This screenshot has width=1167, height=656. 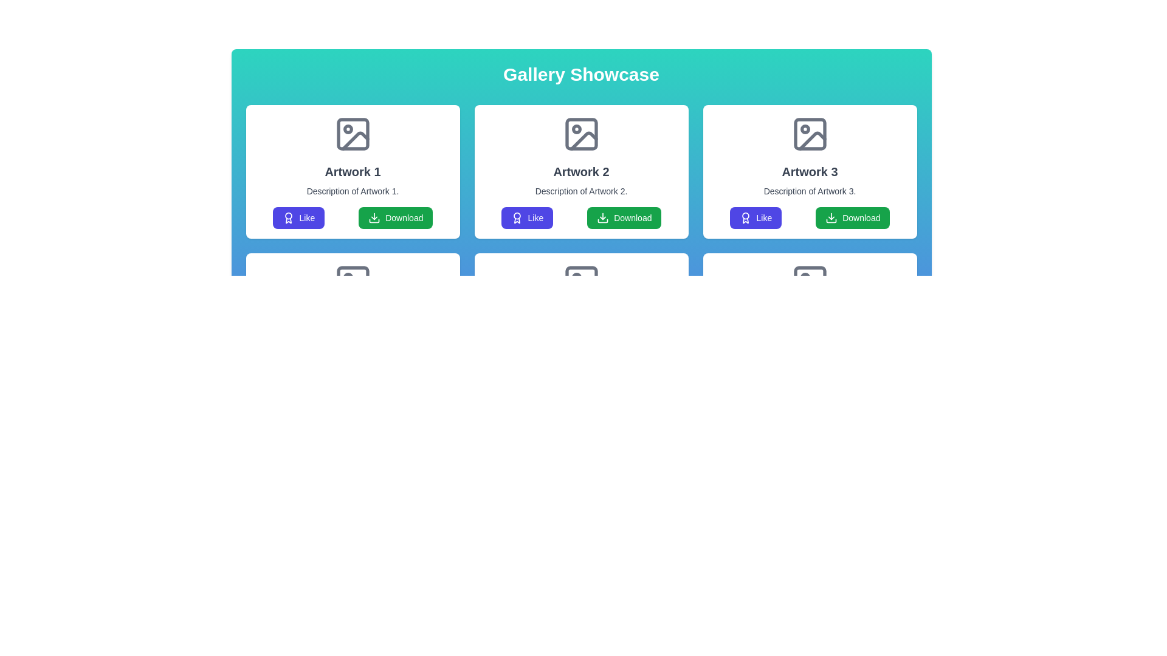 I want to click on the 'Like' button by clicking on the decorative SVG element, which is a circular shape with a radius of 6 units located centrally within the SVG icon below the 'Artwork 2' section, so click(x=517, y=215).